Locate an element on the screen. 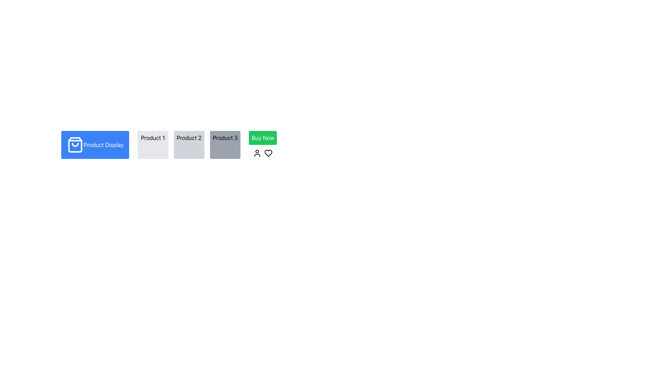  the 'Buy Now' button, which is a green rectangular button with white text, positioned towards the right side of the interface adjacent to a grey box labeled 'Product 3' is located at coordinates (262, 138).